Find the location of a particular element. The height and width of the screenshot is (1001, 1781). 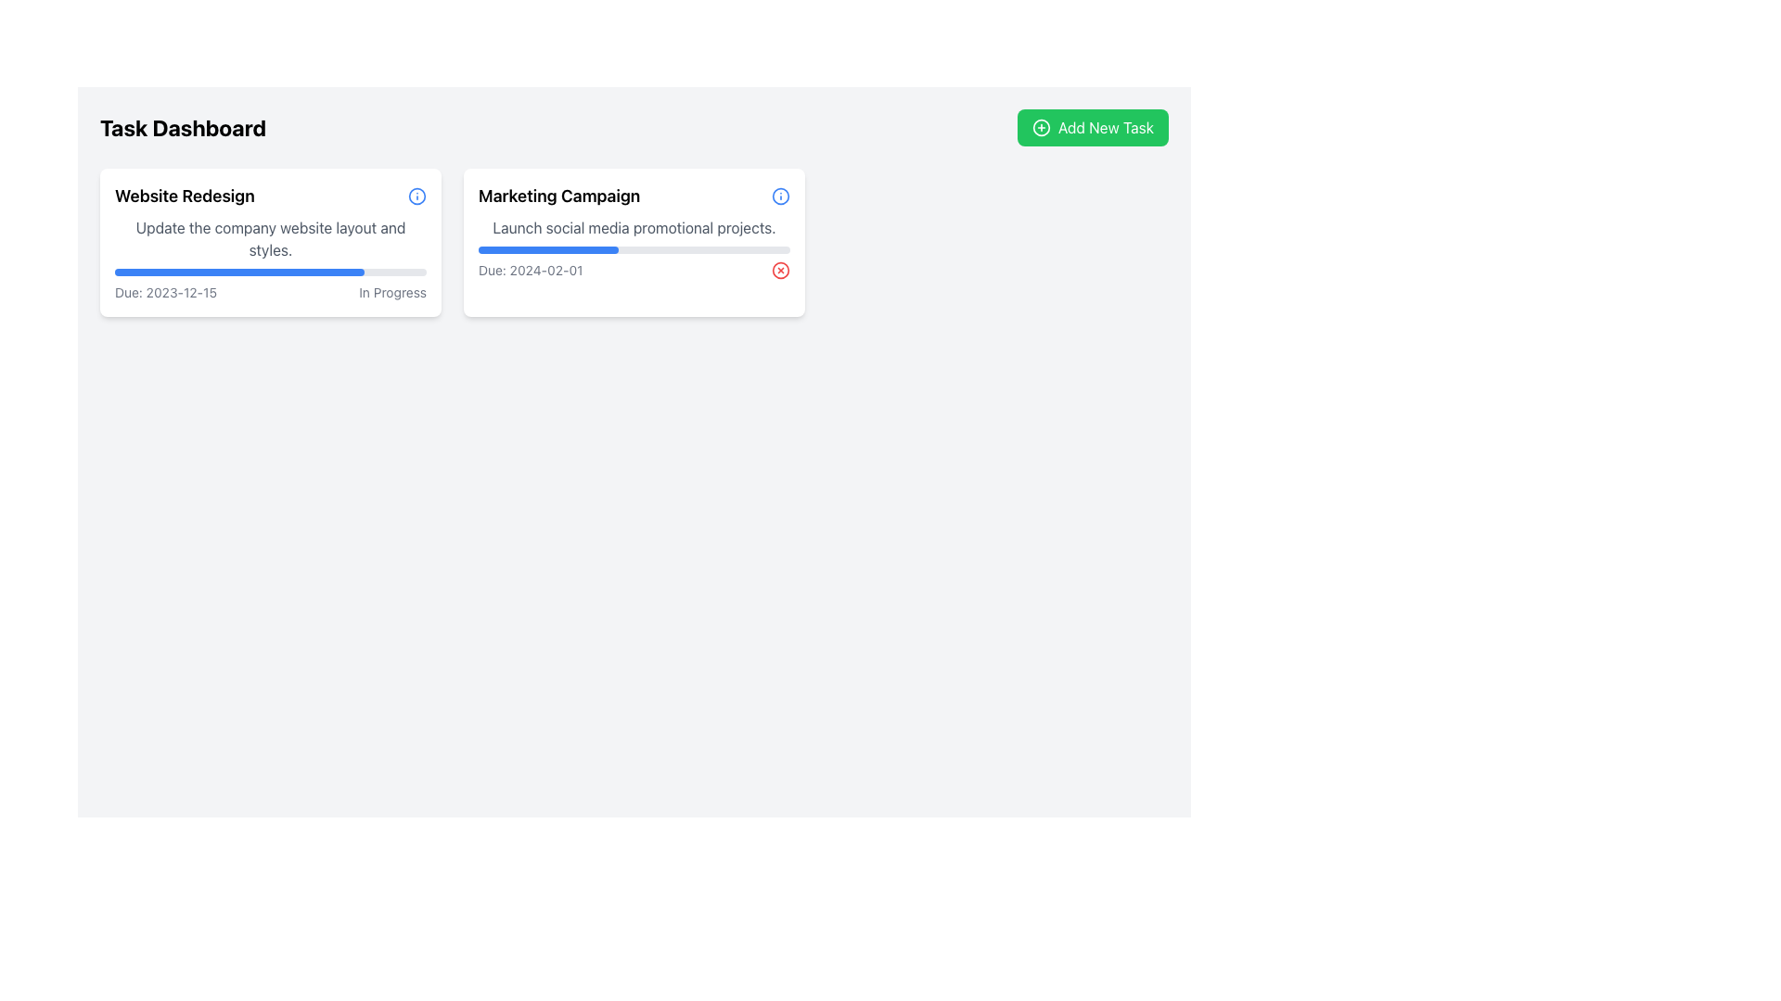

text of the status indicator located at the bottom-right of the 'Website Redesign' card, adjacent to the due date of '2023-12-15' is located at coordinates (391, 292).